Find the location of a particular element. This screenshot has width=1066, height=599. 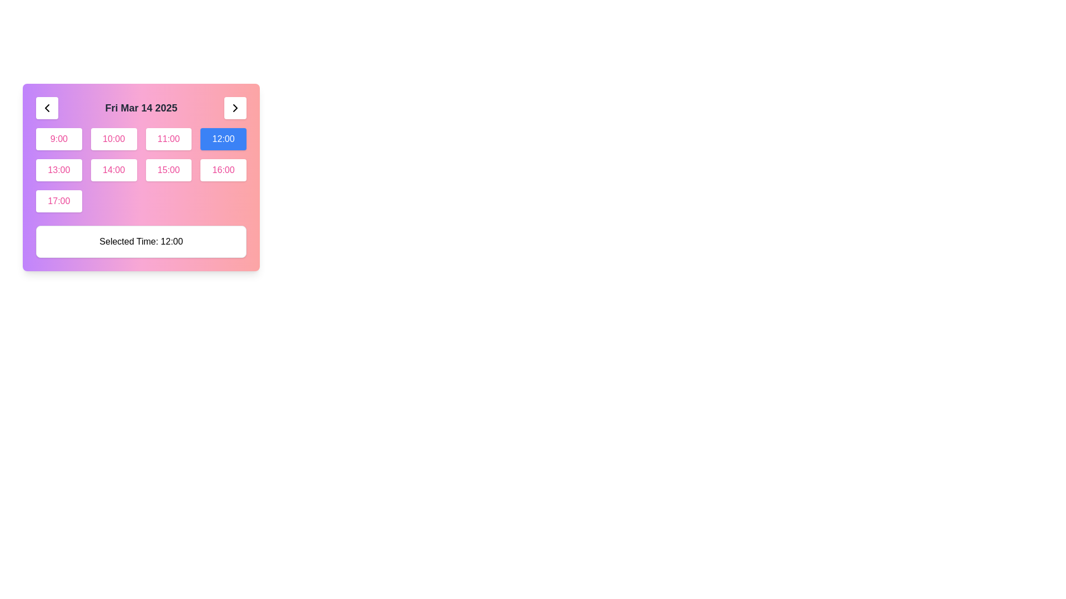

across the interactive grid of buttons is located at coordinates (140, 170).